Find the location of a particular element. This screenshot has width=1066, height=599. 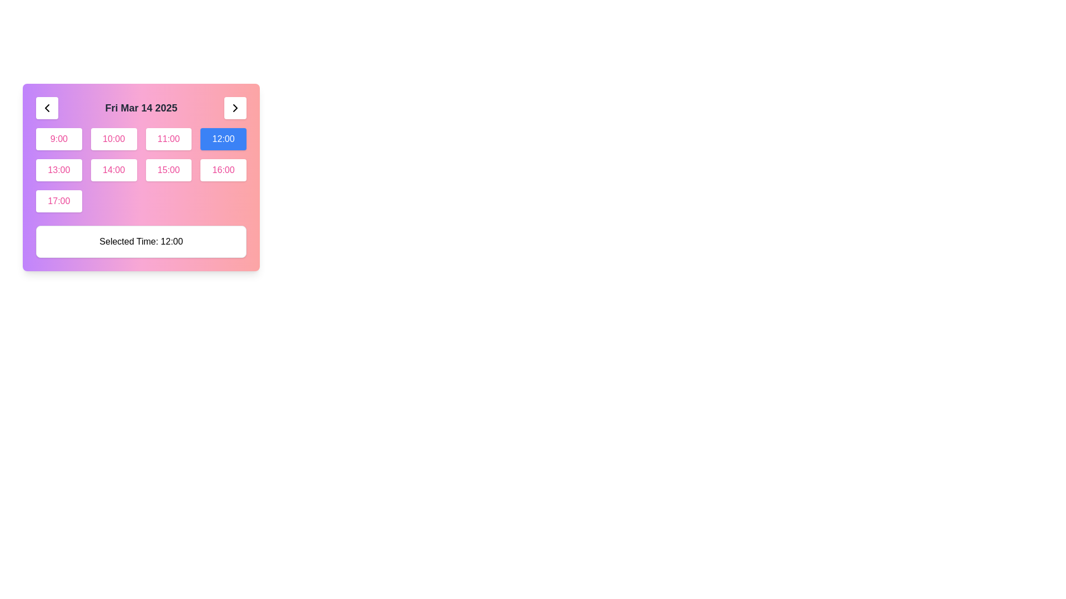

across the interactive grid of buttons is located at coordinates (140, 170).